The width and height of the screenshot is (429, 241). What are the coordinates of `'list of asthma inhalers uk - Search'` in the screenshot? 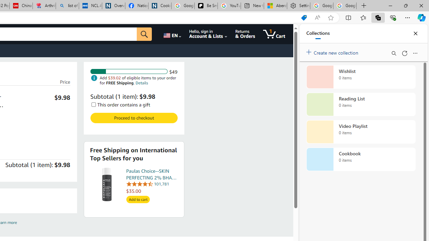 It's located at (67, 6).